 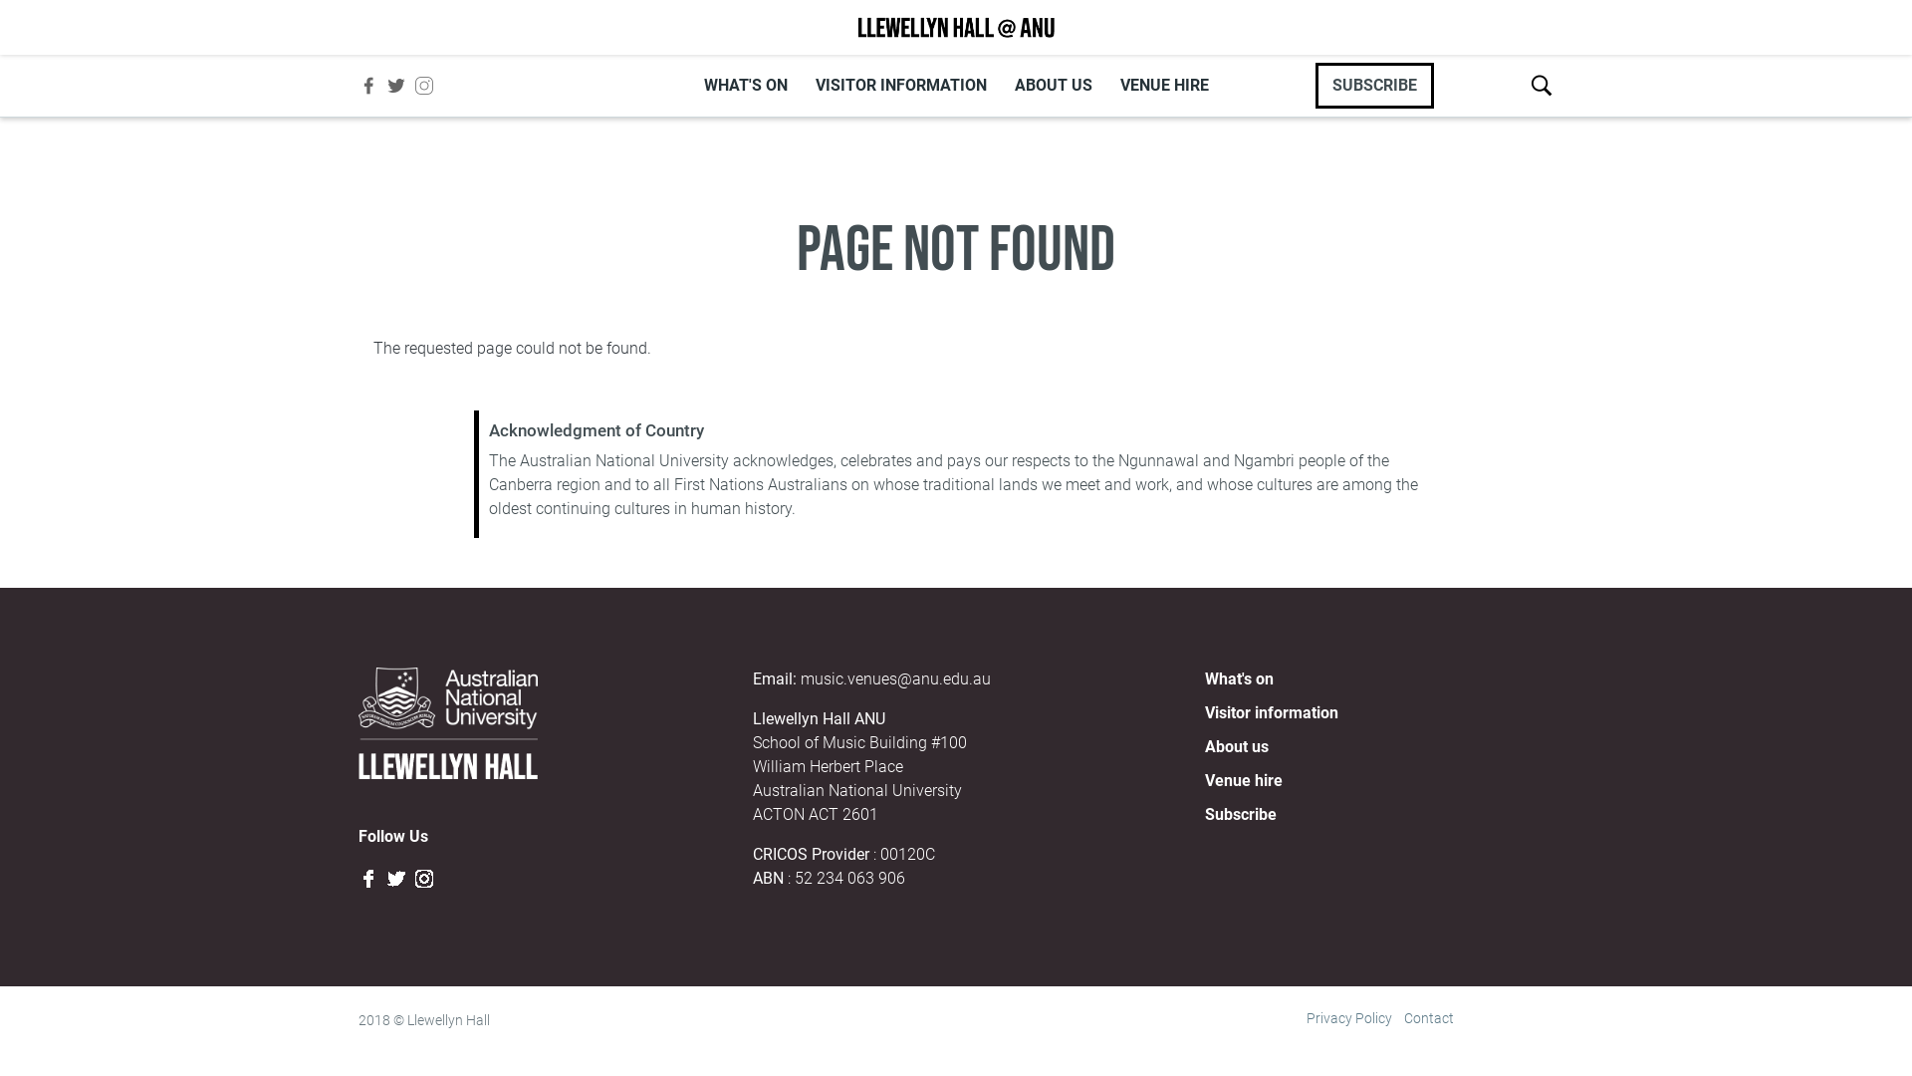 I want to click on 'music.venues@anu.edu.au', so click(x=894, y=677).